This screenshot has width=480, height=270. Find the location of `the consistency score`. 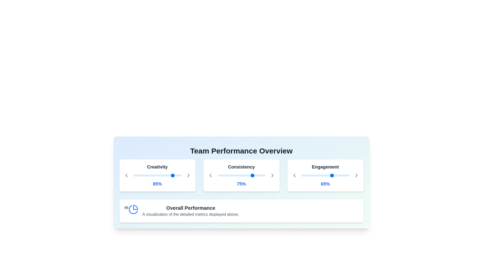

the consistency score is located at coordinates (263, 175).